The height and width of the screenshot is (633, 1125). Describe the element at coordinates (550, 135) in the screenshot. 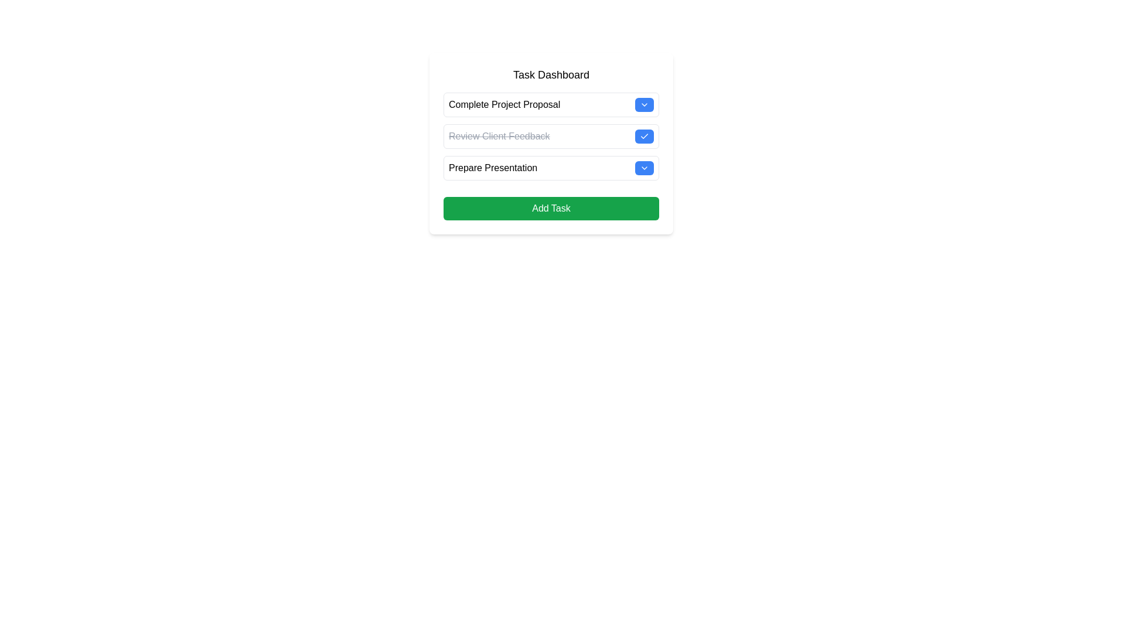

I see `the second task entry in the Task Dashboard labeled 'Review Client Feedback'` at that location.